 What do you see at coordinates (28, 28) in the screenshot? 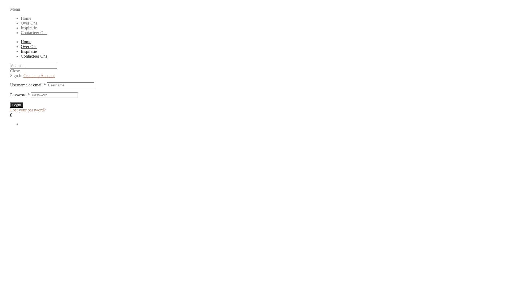
I see `'Inspiratie'` at bounding box center [28, 28].